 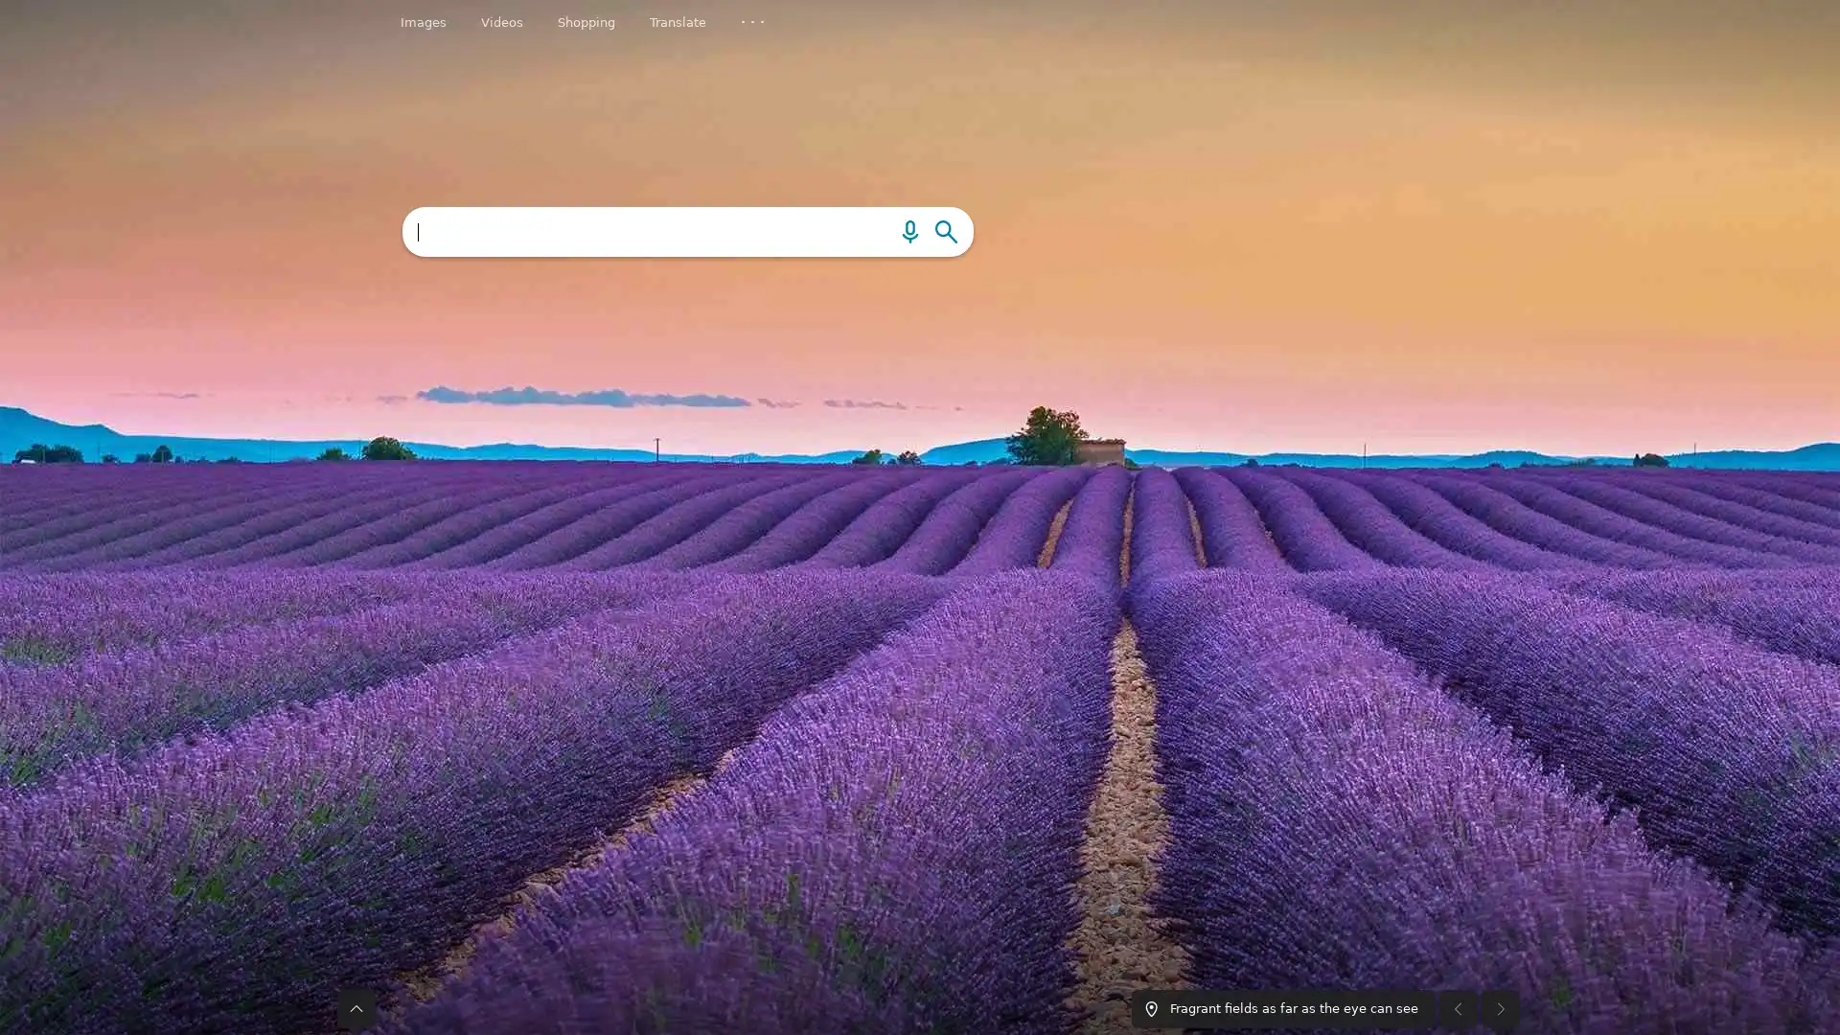 What do you see at coordinates (1457, 746) in the screenshot?
I see `Previous image` at bounding box center [1457, 746].